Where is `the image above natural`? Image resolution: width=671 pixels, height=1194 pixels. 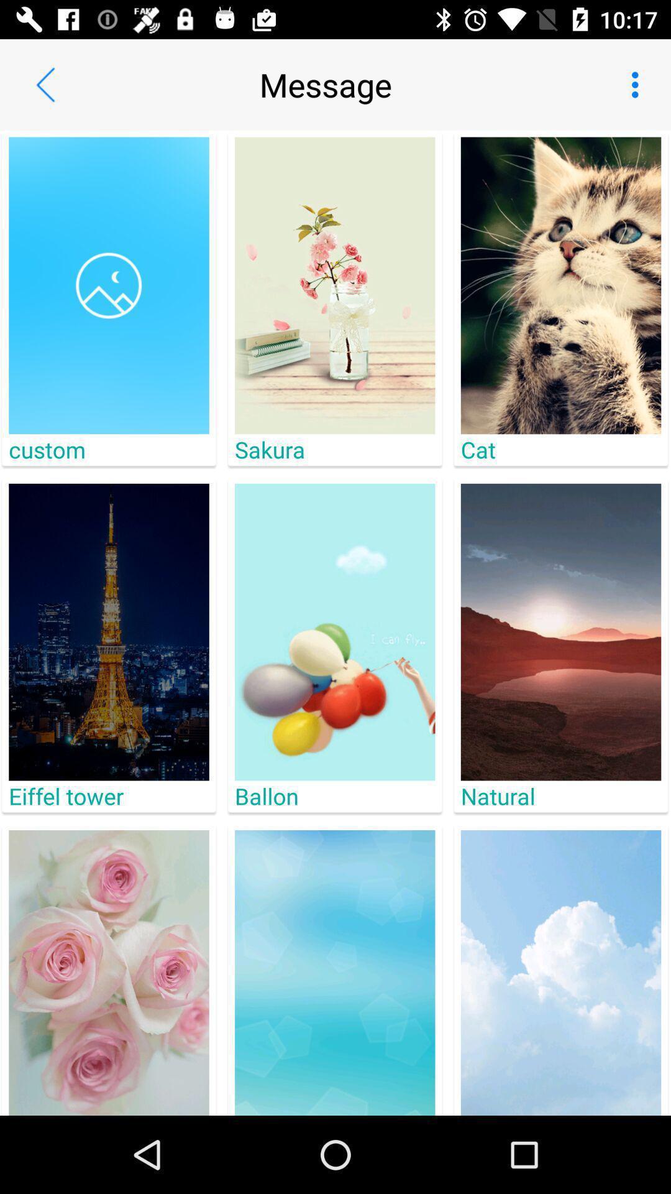 the image above natural is located at coordinates (560, 632).